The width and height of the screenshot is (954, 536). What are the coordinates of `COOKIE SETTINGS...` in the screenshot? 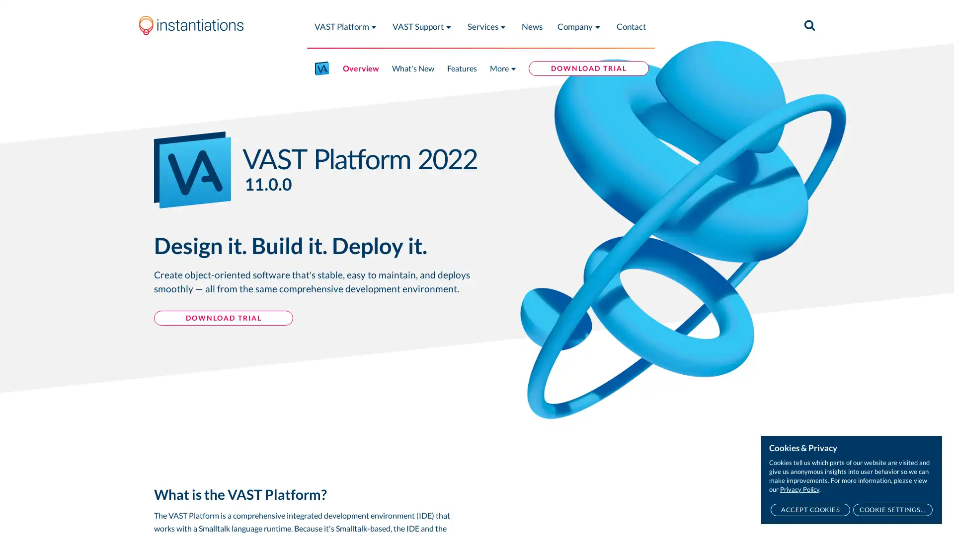 It's located at (892, 510).